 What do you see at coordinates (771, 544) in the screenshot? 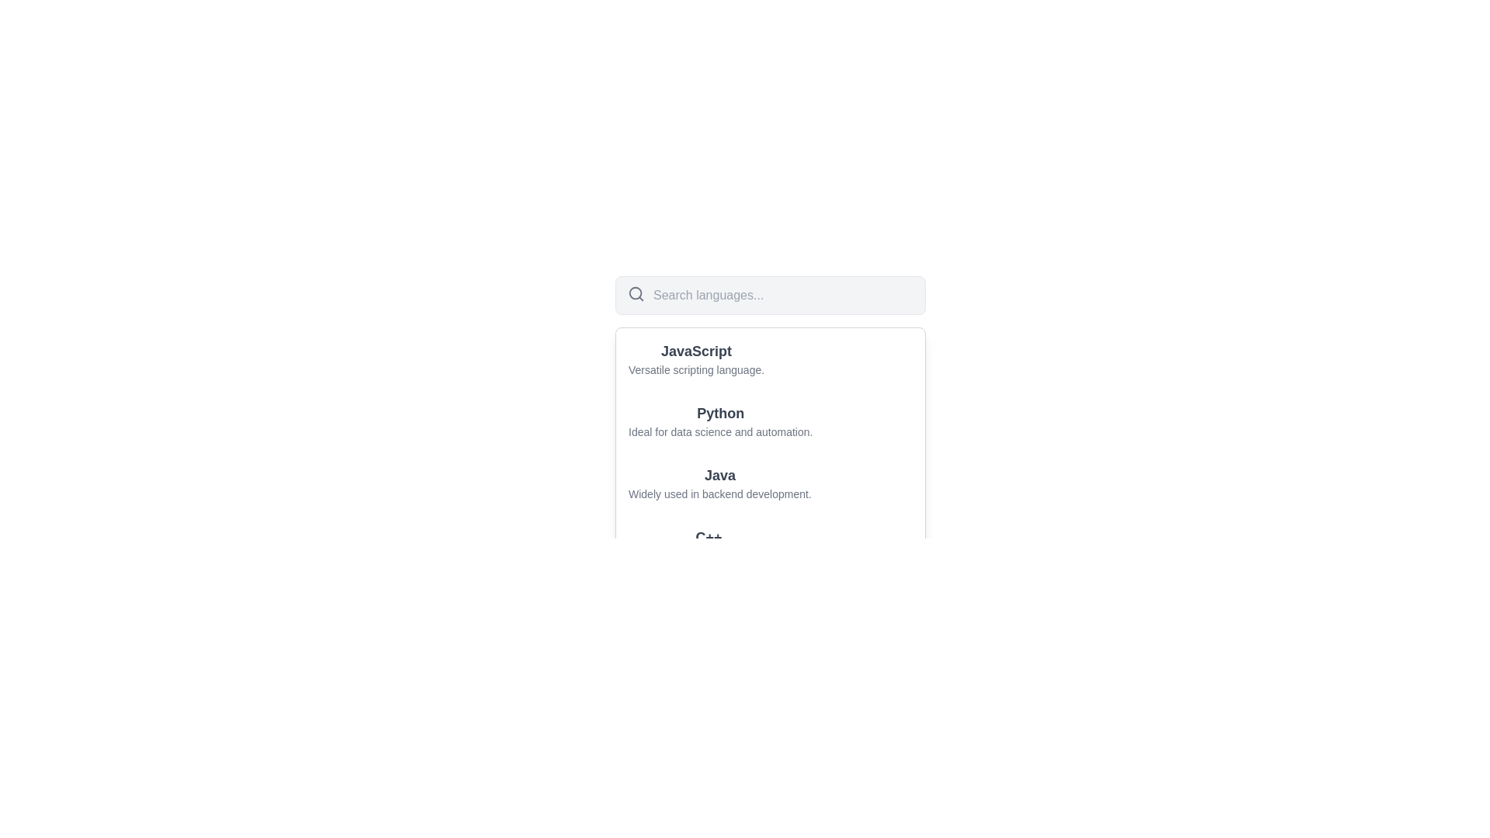
I see `the fourth list item representing the programming language 'C++' in the vertical menu, which is positioned below 'Java' and above 'Ruby'` at bounding box center [771, 544].